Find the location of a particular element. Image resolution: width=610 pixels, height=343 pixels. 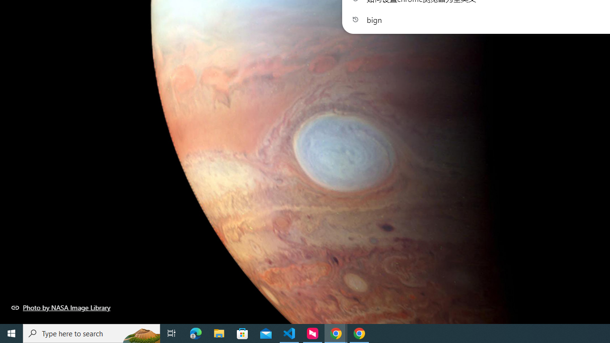

'Photo by NASA Image Library' is located at coordinates (61, 307).